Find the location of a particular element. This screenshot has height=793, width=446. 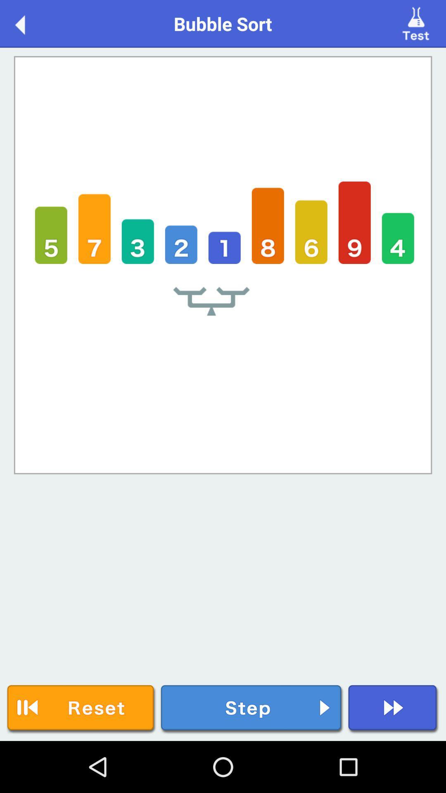

the next step is located at coordinates (251, 709).